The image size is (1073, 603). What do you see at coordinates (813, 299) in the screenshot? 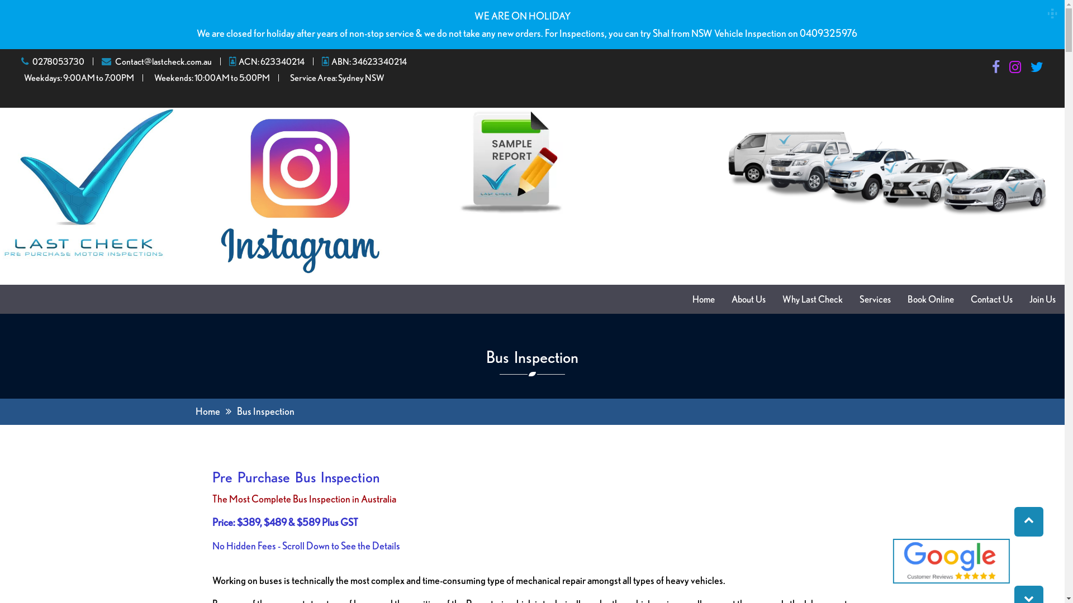
I see `'Why Last Check'` at bounding box center [813, 299].